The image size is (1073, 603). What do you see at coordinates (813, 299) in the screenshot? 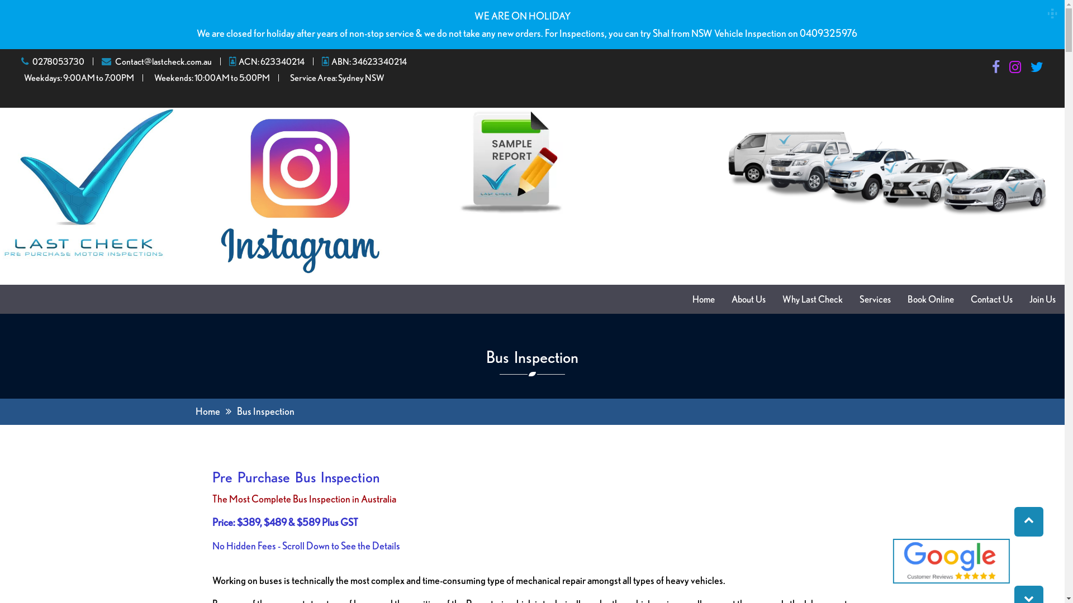
I see `'Why Last Check'` at bounding box center [813, 299].